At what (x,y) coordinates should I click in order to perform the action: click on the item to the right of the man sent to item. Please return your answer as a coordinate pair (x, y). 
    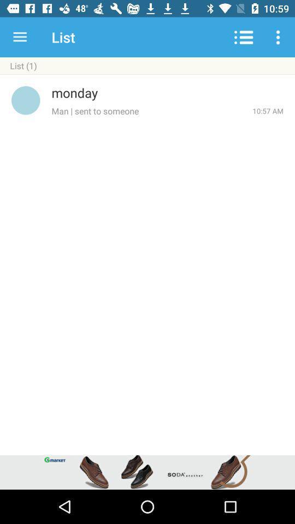
    Looking at the image, I should click on (267, 111).